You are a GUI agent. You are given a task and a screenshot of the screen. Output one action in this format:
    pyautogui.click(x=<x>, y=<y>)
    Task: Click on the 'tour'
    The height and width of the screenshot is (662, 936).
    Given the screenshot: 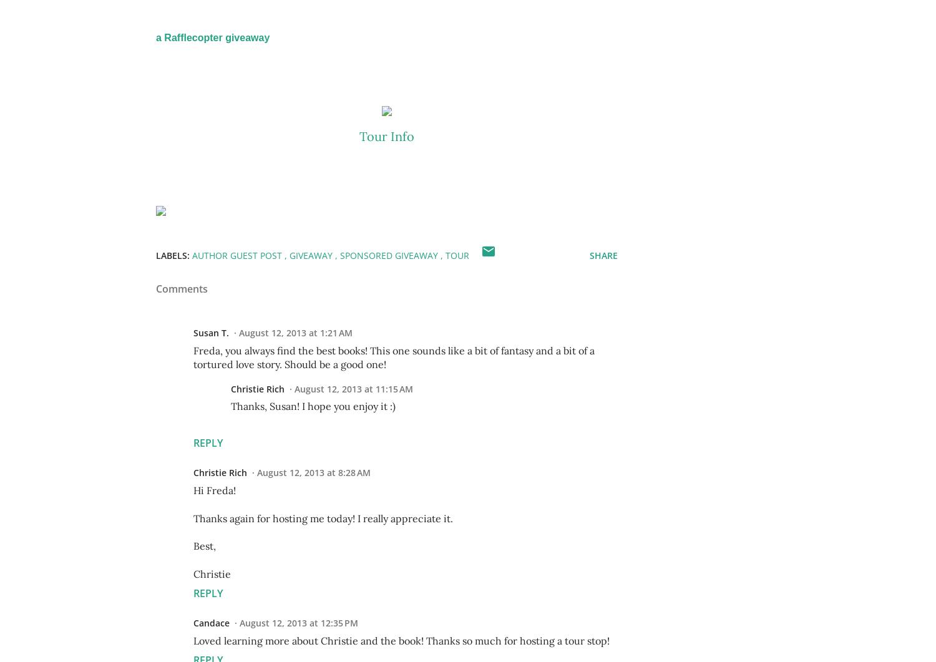 What is the action you would take?
    pyautogui.click(x=457, y=255)
    